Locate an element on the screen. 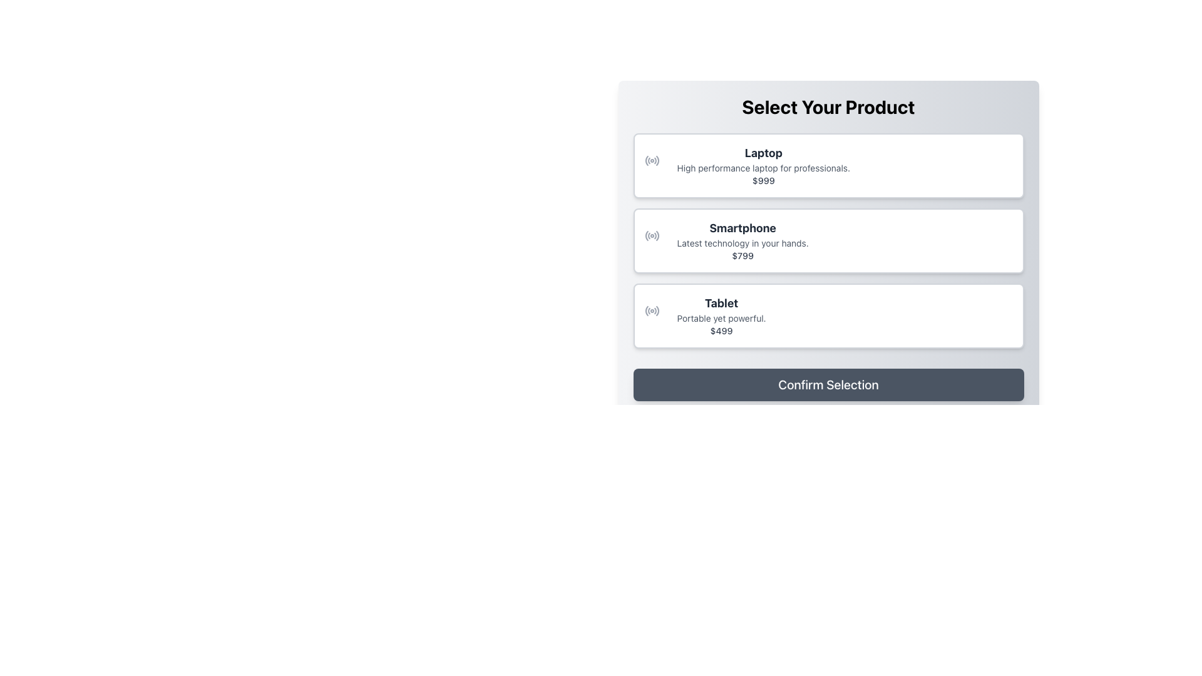  the submit button located at the bottom of the modal window, which confirms the user's choice for the selected product option is located at coordinates (828, 384).